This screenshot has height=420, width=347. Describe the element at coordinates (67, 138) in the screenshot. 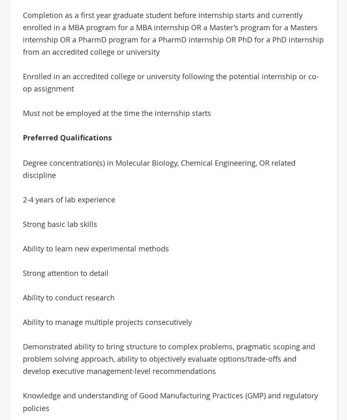

I see `'Preferred Qualifications'` at that location.